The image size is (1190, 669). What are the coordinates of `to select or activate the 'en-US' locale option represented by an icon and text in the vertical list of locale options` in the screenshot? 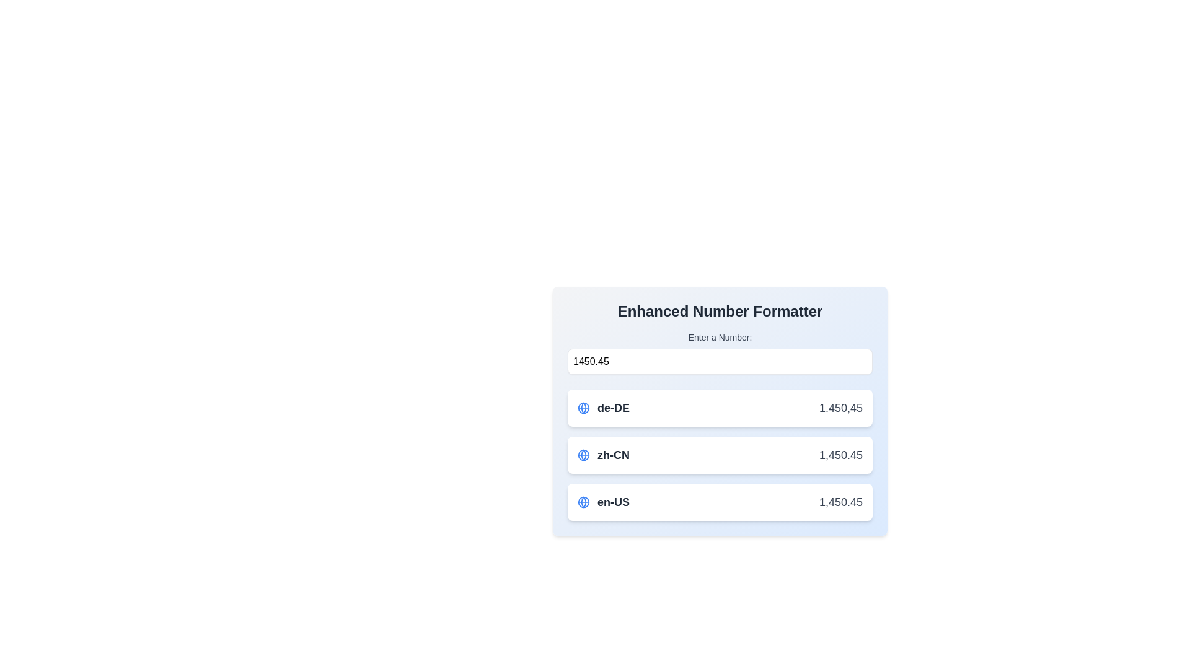 It's located at (604, 502).